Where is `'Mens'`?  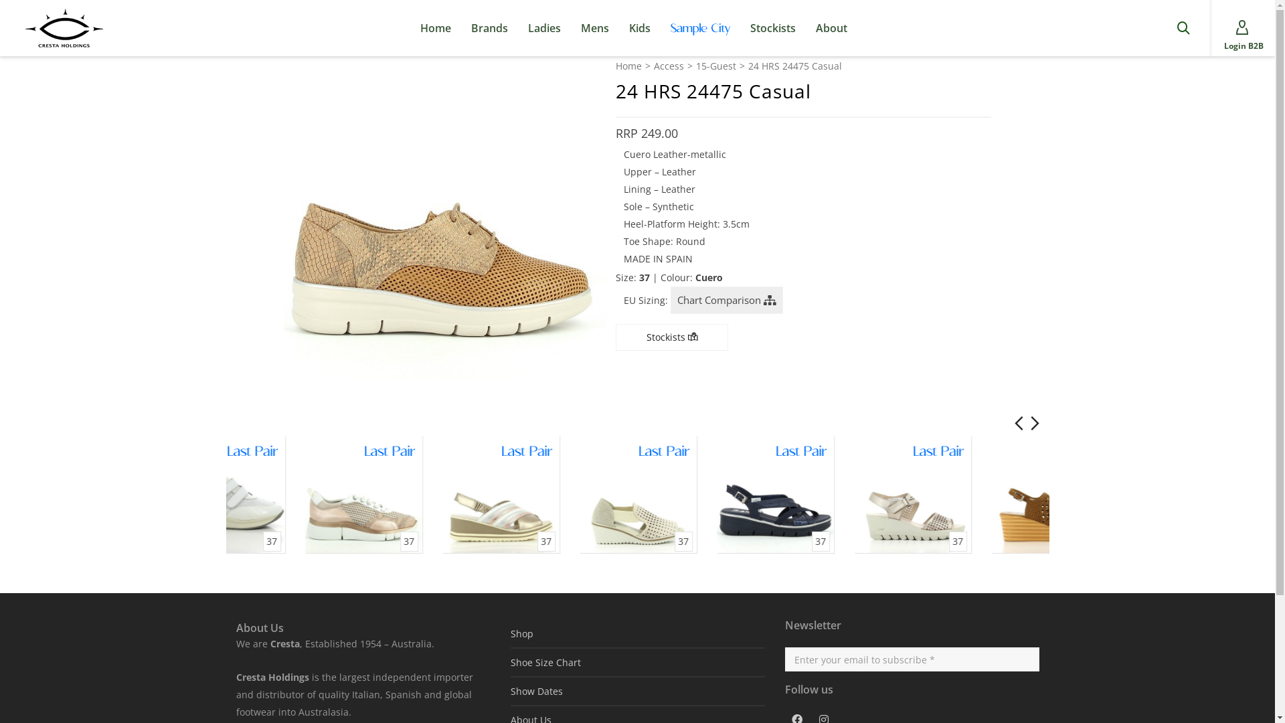
'Mens' is located at coordinates (594, 28).